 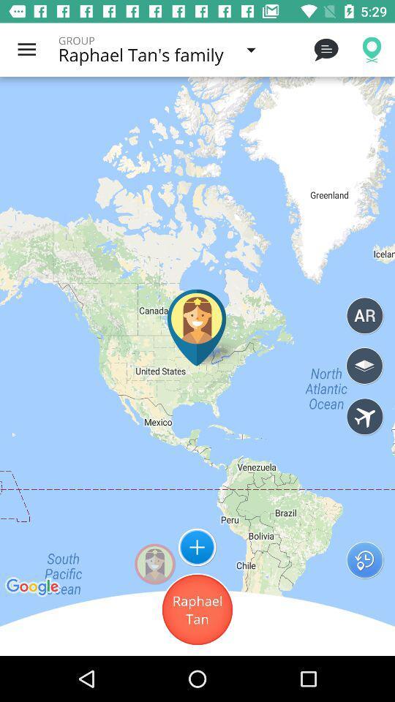 What do you see at coordinates (154, 563) in the screenshot?
I see `the circular shaped image on the left to the  button icon on the web page` at bounding box center [154, 563].